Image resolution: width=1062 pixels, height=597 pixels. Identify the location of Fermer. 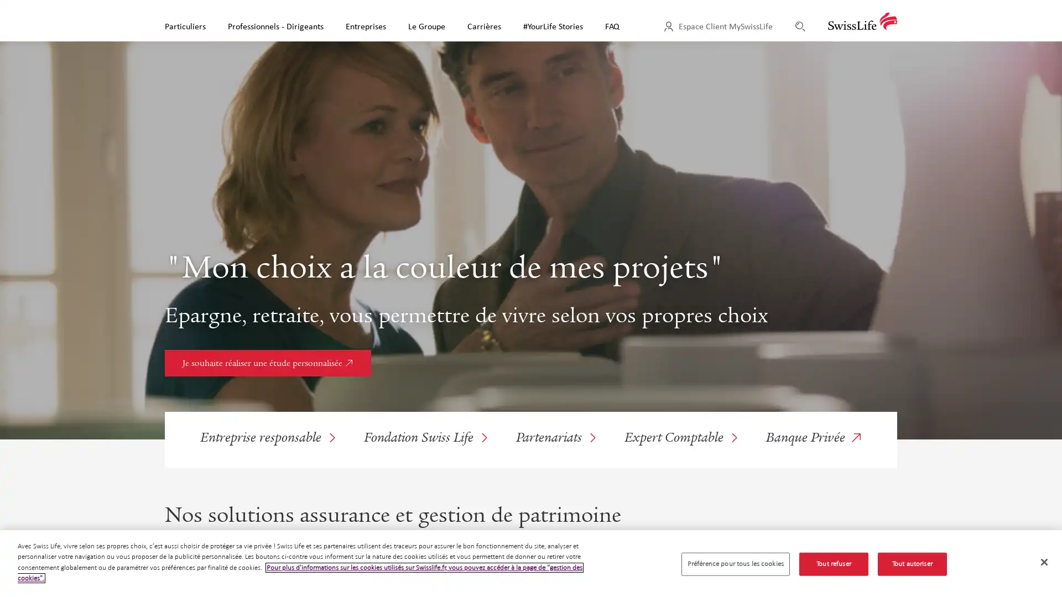
(1043, 562).